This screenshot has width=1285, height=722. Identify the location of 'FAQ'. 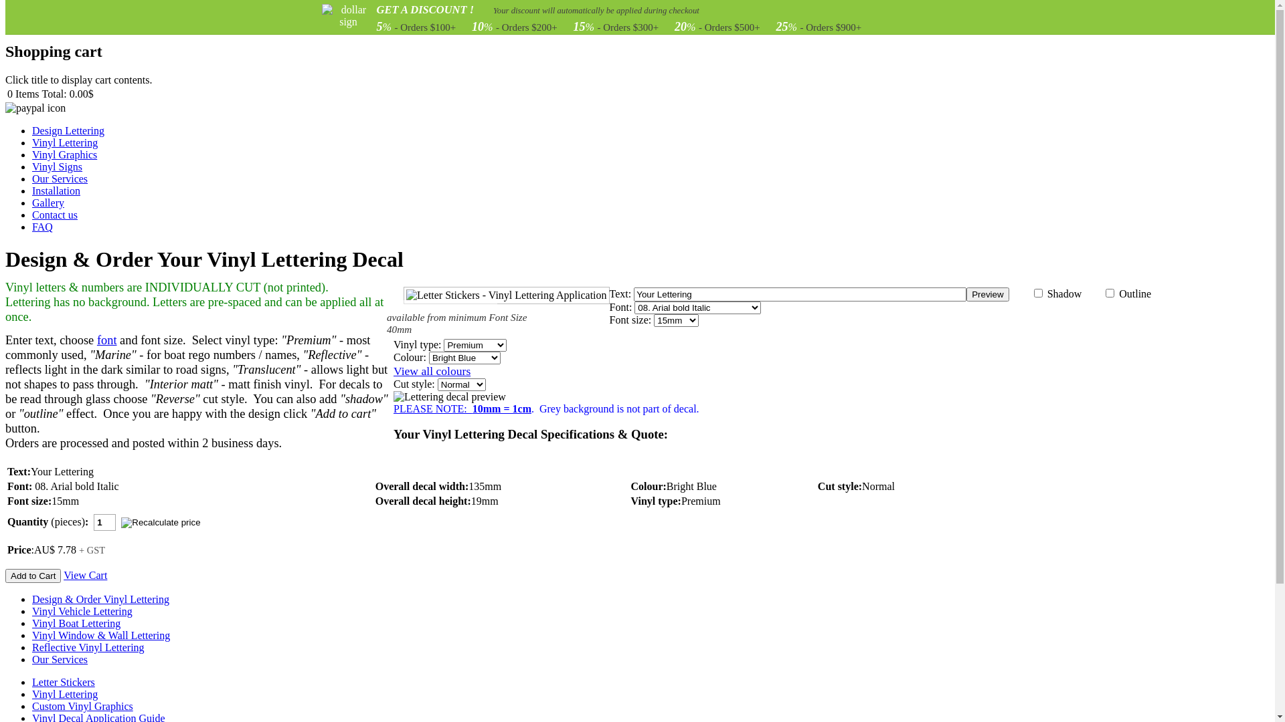
(42, 226).